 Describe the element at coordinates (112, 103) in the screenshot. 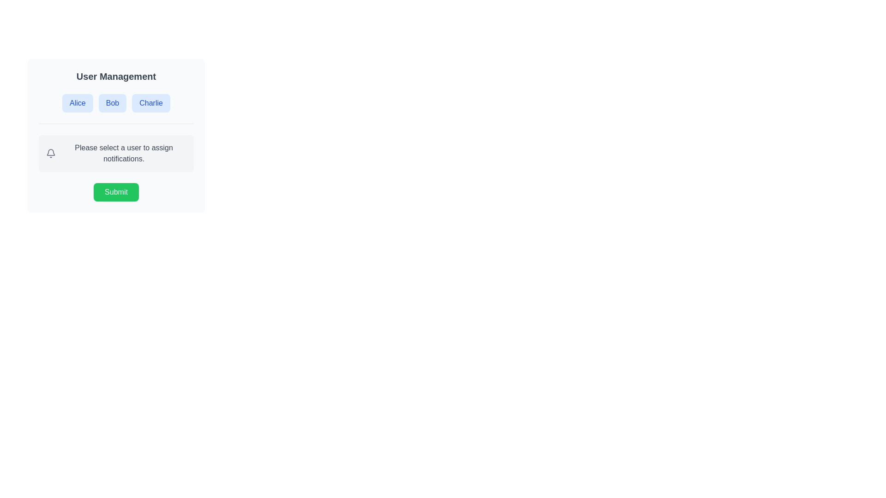

I see `the button labeled 'Bob', which is the second button from the left in the 'User Management' section` at that location.